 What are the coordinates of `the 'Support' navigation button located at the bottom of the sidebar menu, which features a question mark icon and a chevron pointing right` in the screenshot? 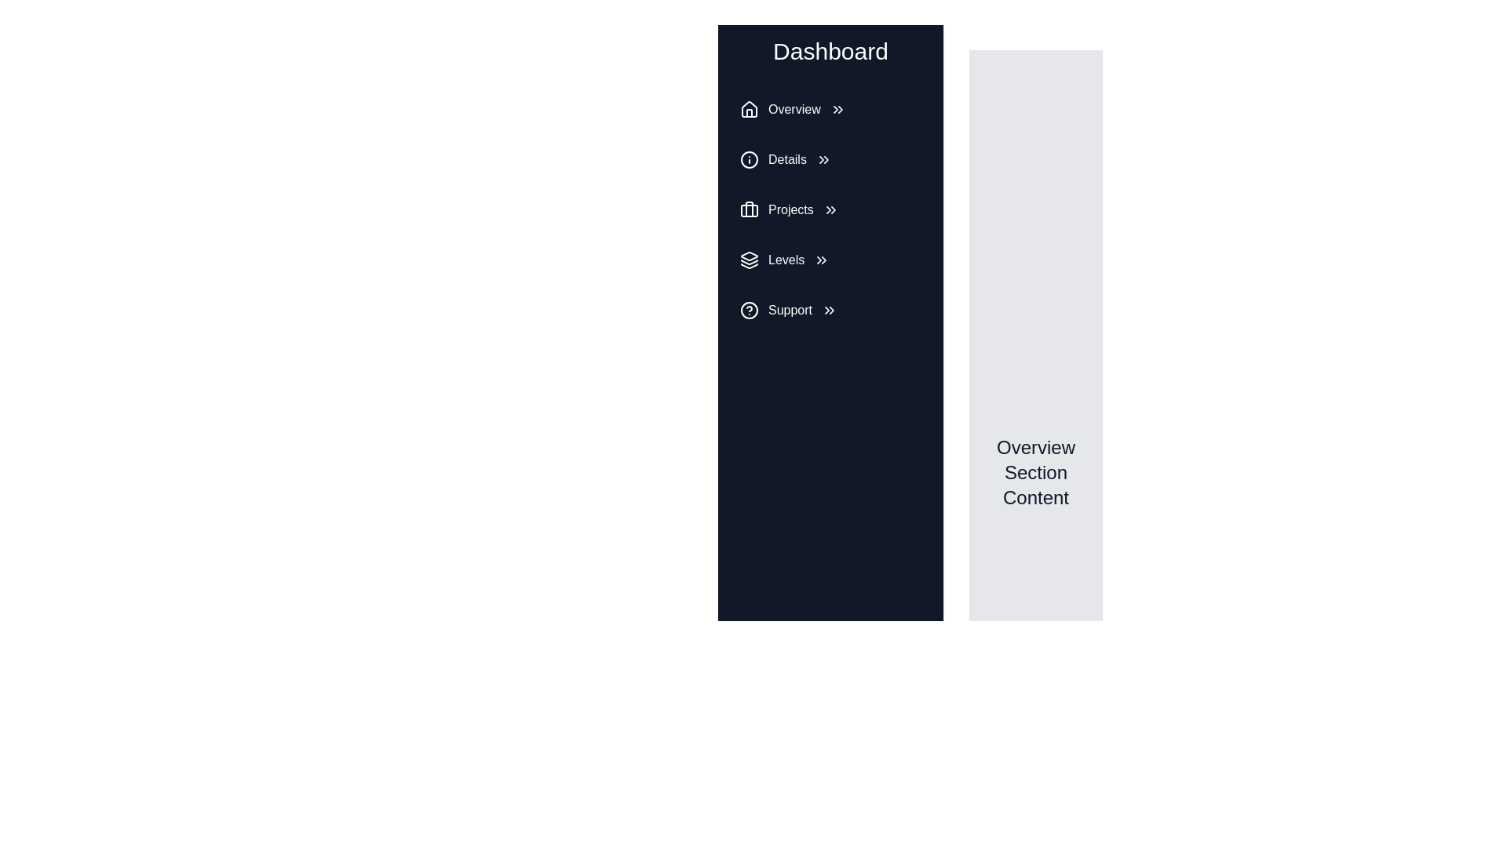 It's located at (830, 311).